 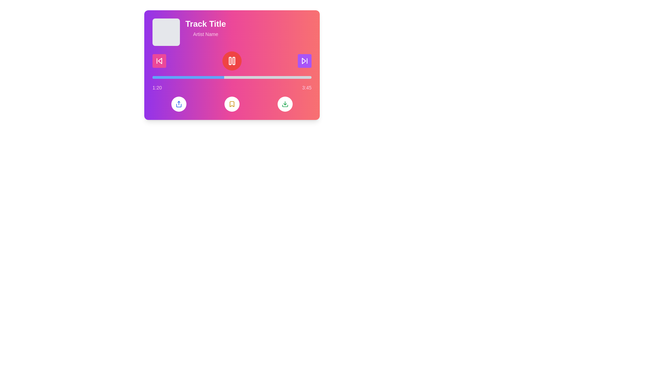 I want to click on the progress bar segment that visually indicates the amount of progress completed in the music player interface, so click(x=188, y=77).